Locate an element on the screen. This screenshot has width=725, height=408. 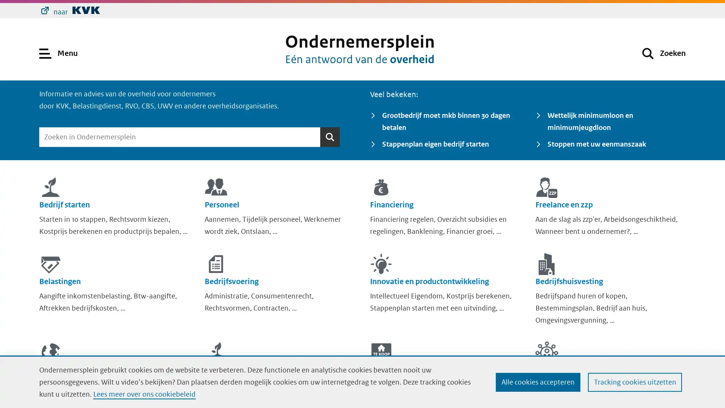
Alle cookies accepteren is located at coordinates (538, 382).